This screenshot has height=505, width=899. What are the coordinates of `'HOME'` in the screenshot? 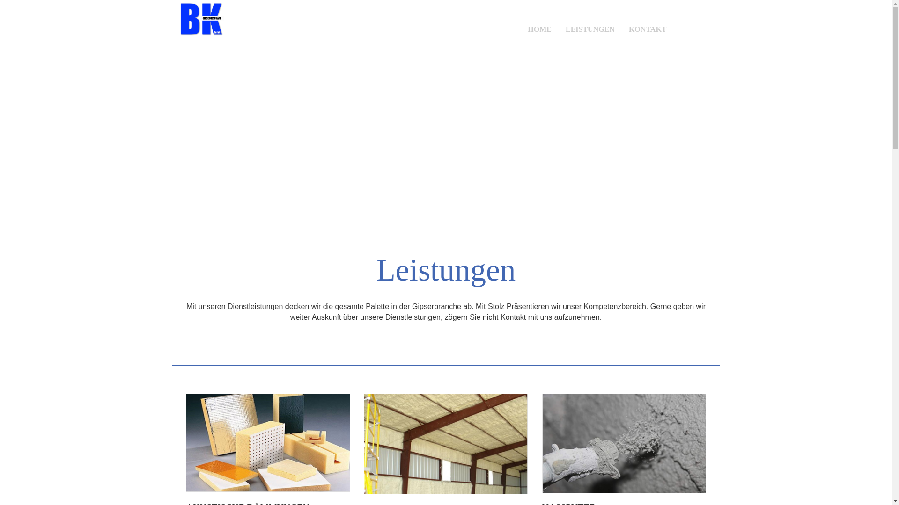 It's located at (539, 24).